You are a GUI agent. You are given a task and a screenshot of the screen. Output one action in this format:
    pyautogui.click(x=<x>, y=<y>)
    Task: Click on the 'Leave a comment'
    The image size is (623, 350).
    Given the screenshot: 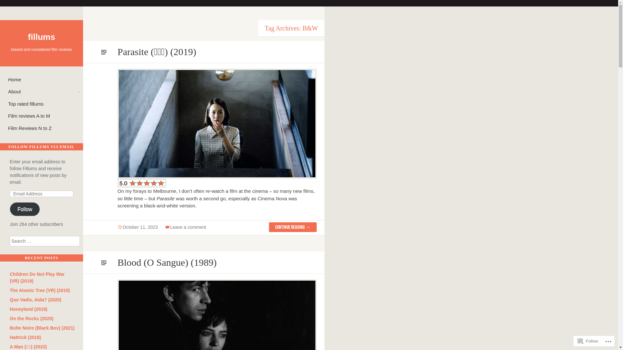 What is the action you would take?
    pyautogui.click(x=170, y=227)
    